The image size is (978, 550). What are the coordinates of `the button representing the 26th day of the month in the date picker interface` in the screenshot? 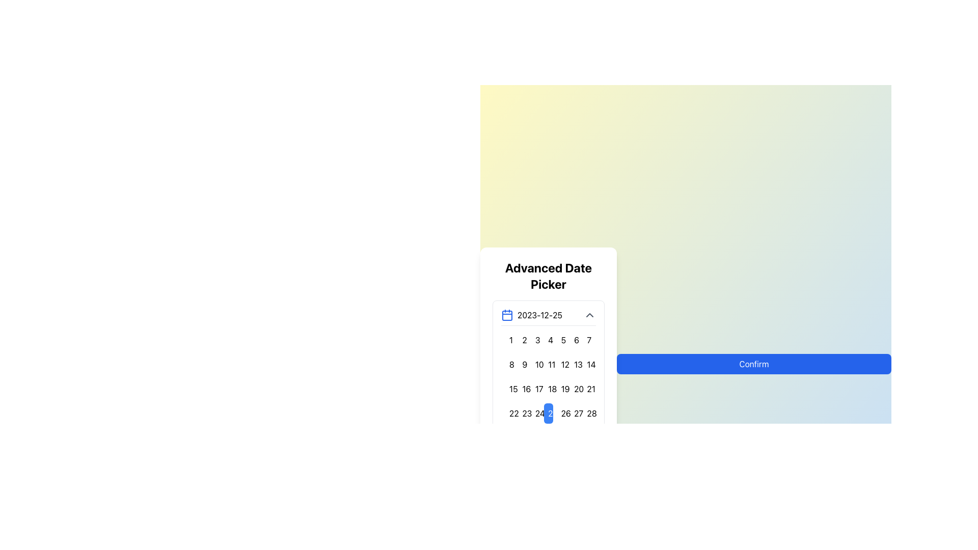 It's located at (561, 413).